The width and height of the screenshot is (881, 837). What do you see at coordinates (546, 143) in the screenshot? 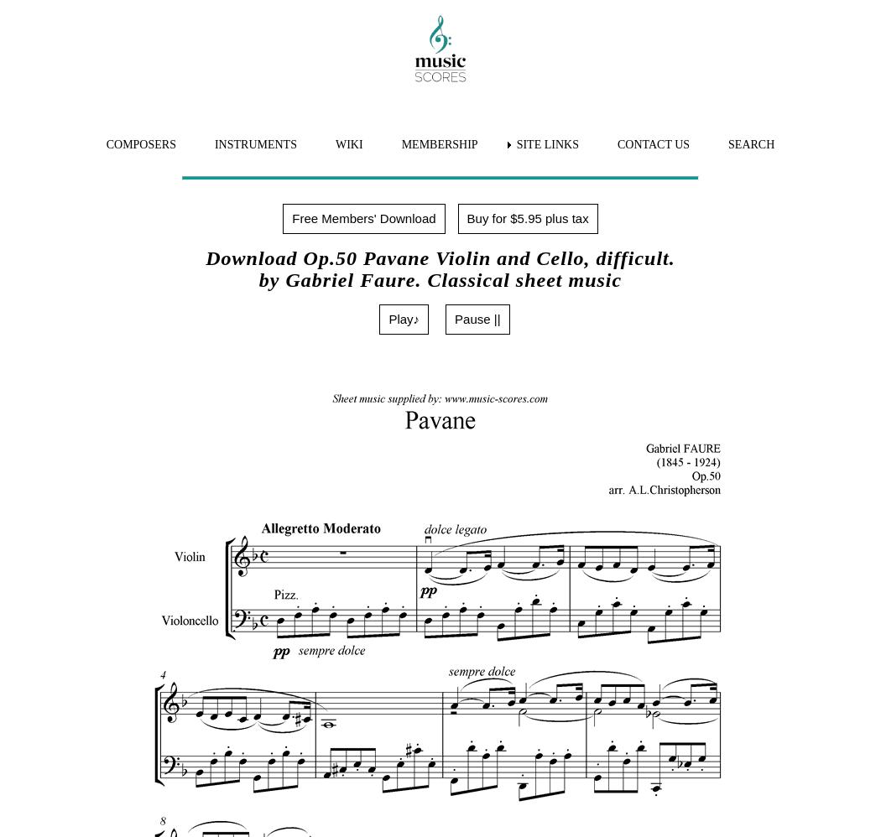
I see `'SITE LINKS'` at bounding box center [546, 143].